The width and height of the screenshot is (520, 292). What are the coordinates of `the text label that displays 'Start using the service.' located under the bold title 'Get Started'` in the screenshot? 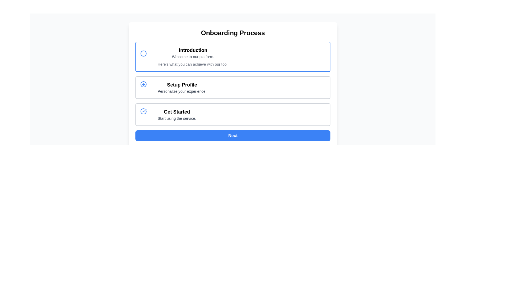 It's located at (177, 118).